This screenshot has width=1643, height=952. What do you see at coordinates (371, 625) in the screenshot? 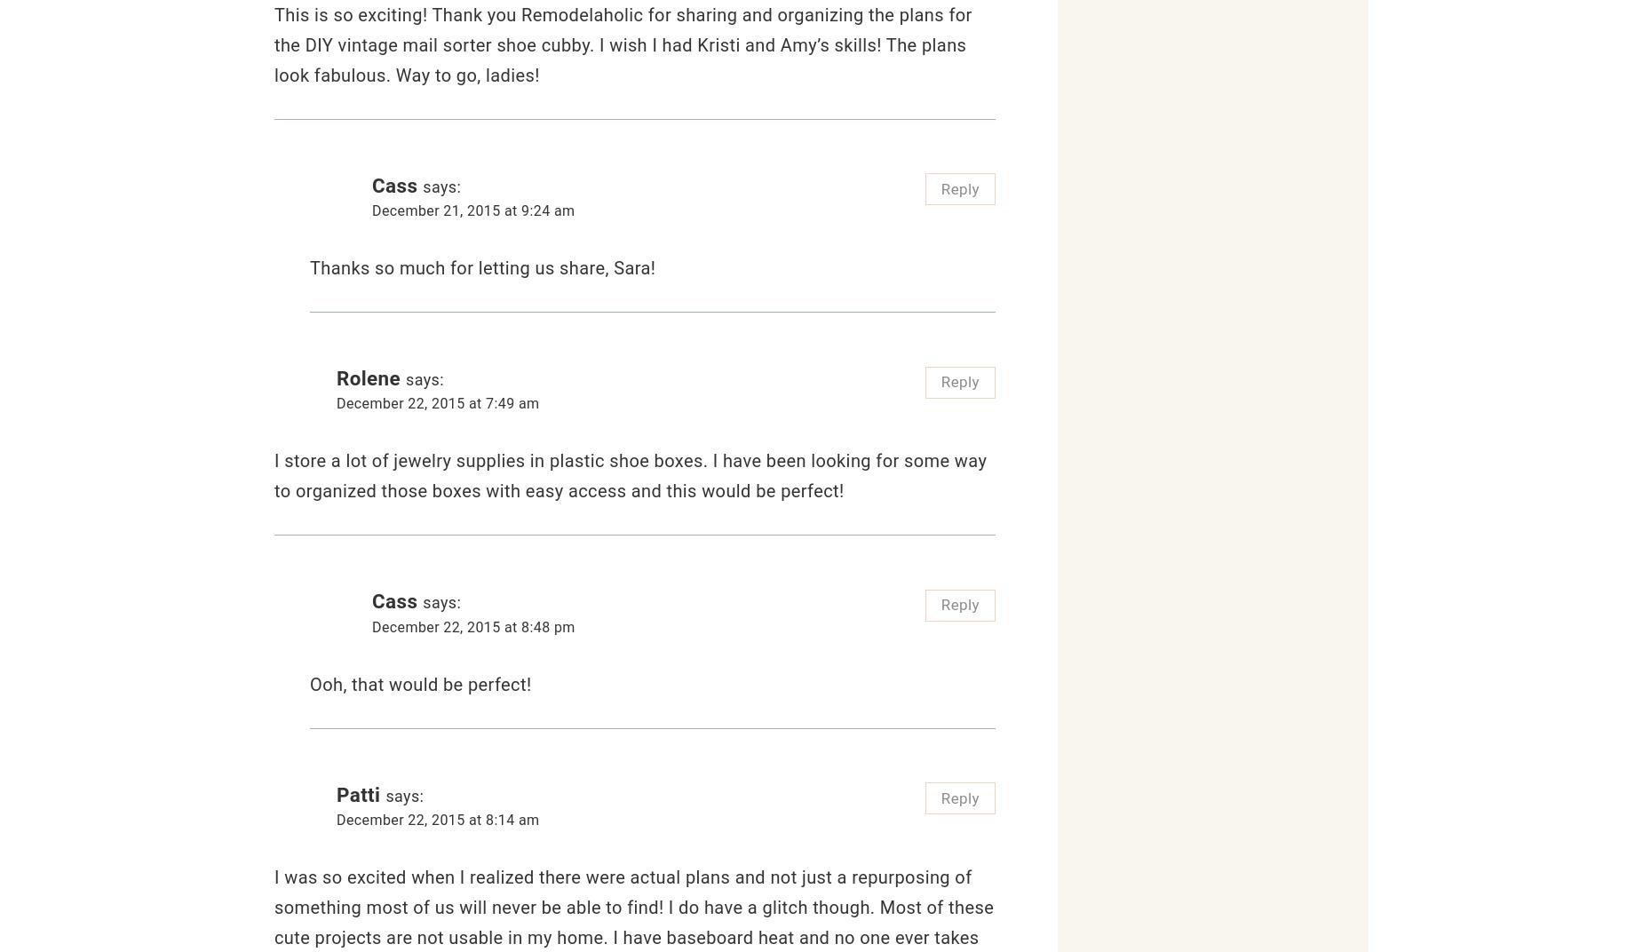
I see `'December 22, 2015 at 8:48 pm'` at bounding box center [371, 625].